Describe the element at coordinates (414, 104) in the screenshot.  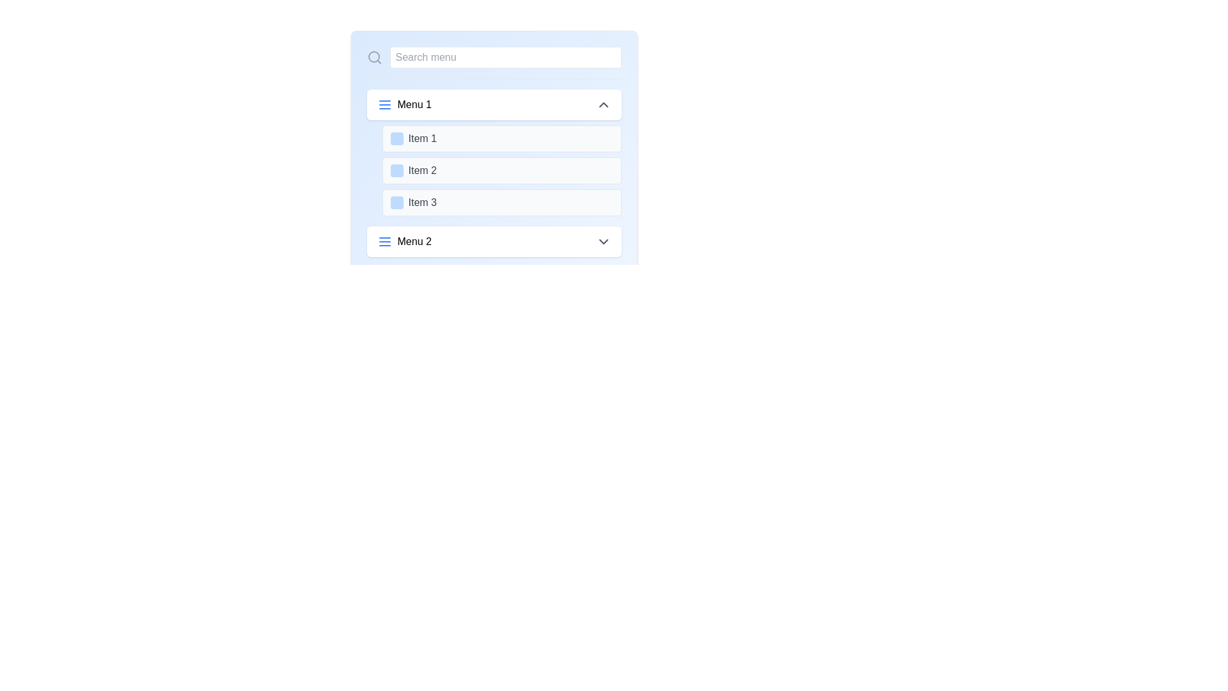
I see `text label for the collapsible menu item representing 'Menu 1', located just below the search bar and between the menu icon and the arrow icon` at that location.